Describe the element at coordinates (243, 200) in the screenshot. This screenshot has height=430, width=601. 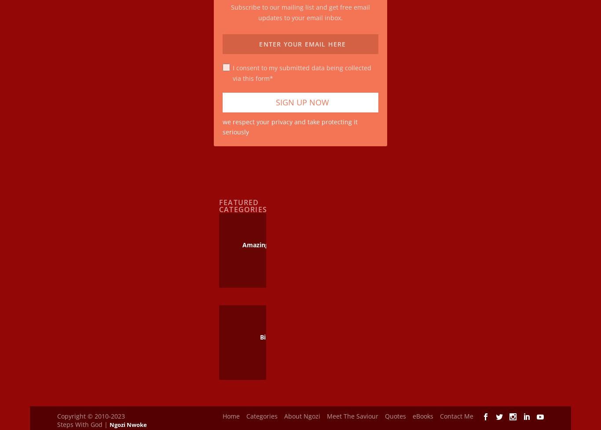
I see `'Featured Categories'` at that location.